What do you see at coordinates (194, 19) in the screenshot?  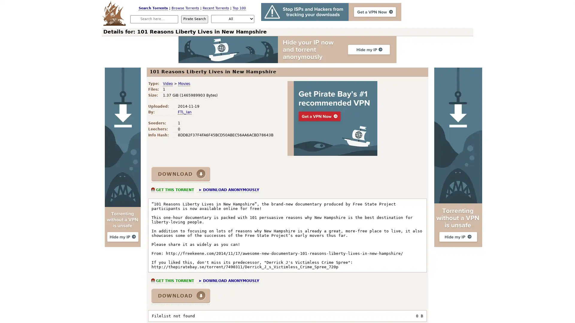 I see `Pirate Search` at bounding box center [194, 19].